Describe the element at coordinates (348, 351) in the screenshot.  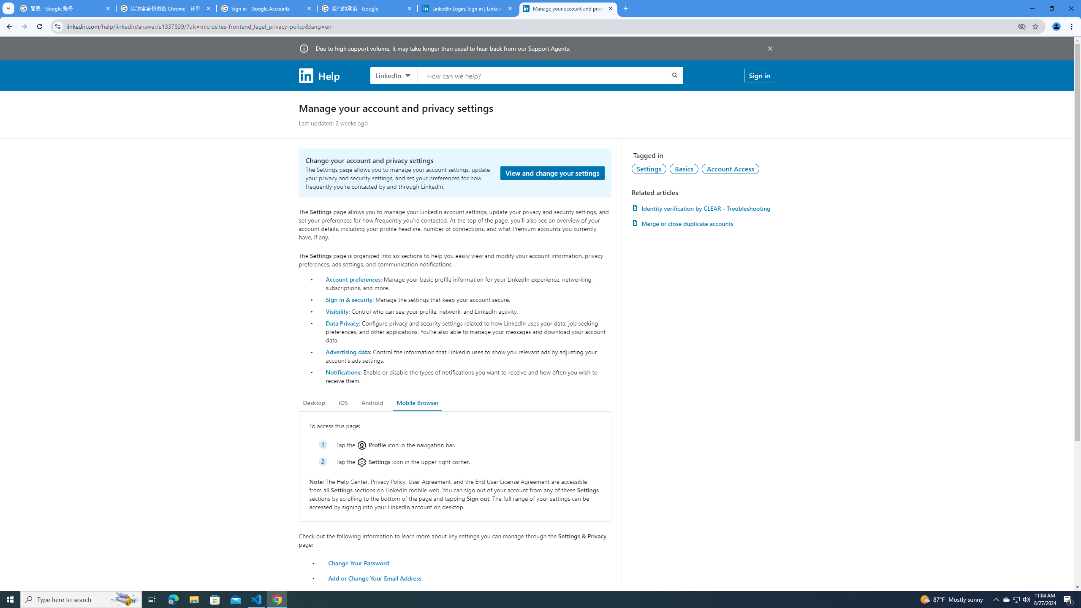
I see `'Advertising data'` at that location.